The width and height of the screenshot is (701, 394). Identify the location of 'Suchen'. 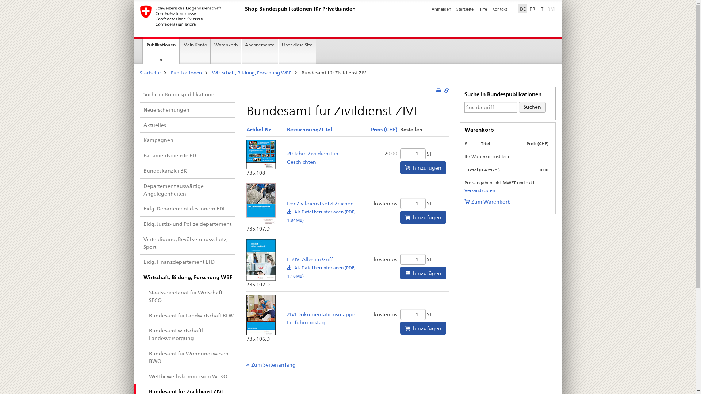
(532, 107).